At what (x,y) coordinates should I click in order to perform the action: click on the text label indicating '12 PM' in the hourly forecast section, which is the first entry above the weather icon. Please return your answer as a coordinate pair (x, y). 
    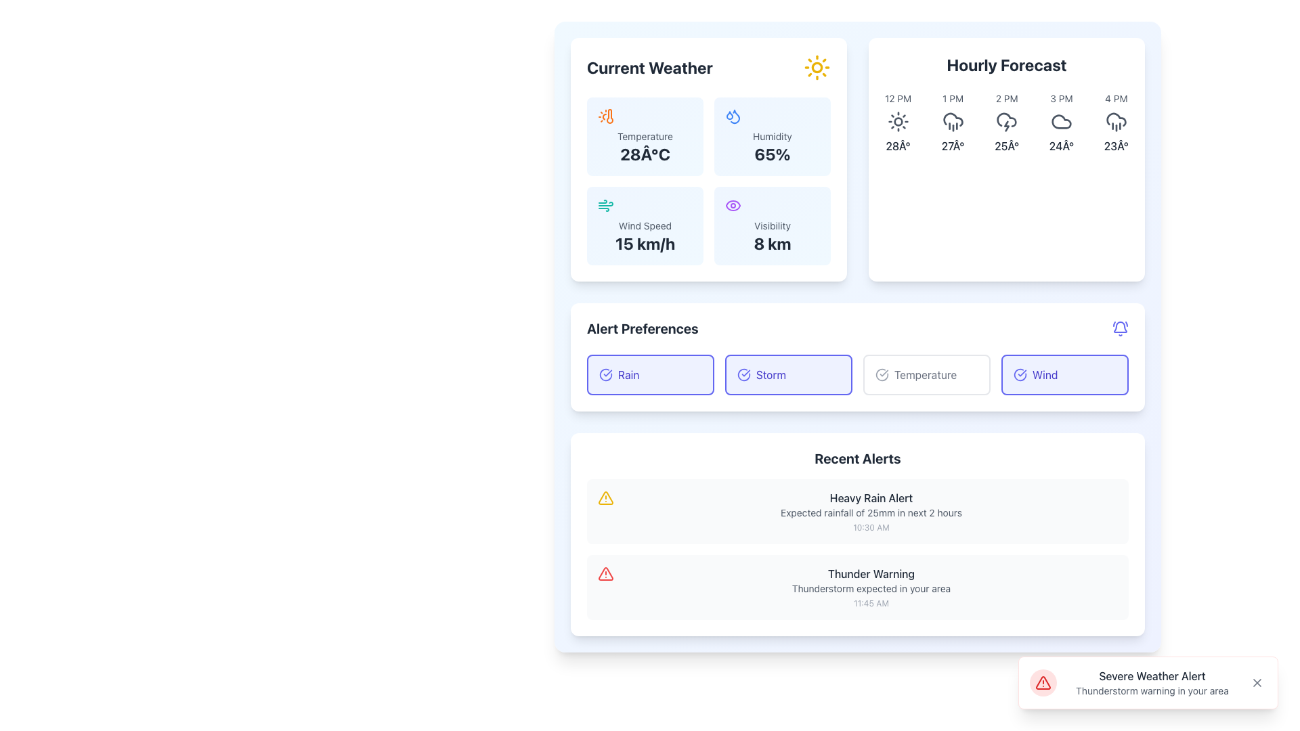
    Looking at the image, I should click on (898, 98).